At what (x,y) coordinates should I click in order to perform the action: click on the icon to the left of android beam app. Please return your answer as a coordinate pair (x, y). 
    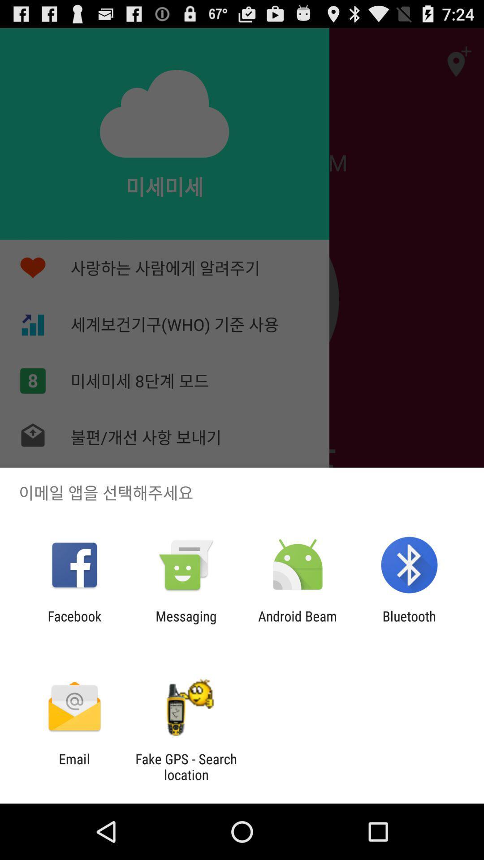
    Looking at the image, I should click on (186, 623).